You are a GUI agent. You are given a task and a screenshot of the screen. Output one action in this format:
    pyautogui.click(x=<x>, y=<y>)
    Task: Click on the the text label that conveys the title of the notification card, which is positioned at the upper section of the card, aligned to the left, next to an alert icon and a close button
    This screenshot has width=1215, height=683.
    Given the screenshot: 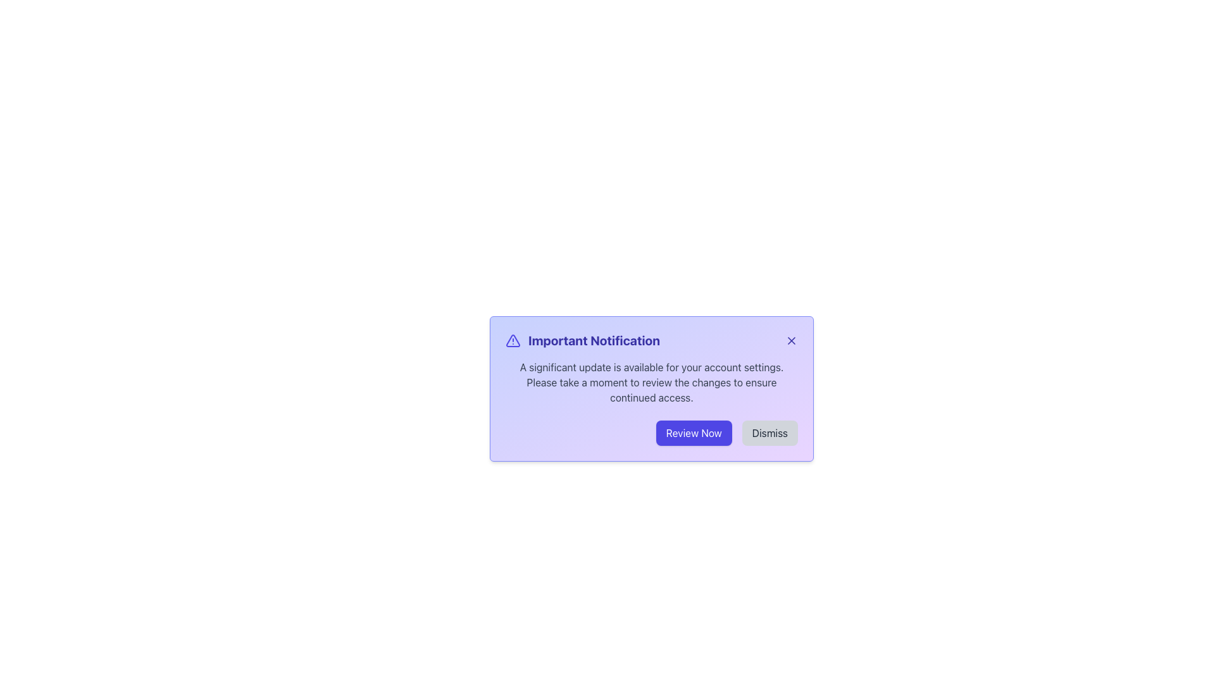 What is the action you would take?
    pyautogui.click(x=582, y=340)
    